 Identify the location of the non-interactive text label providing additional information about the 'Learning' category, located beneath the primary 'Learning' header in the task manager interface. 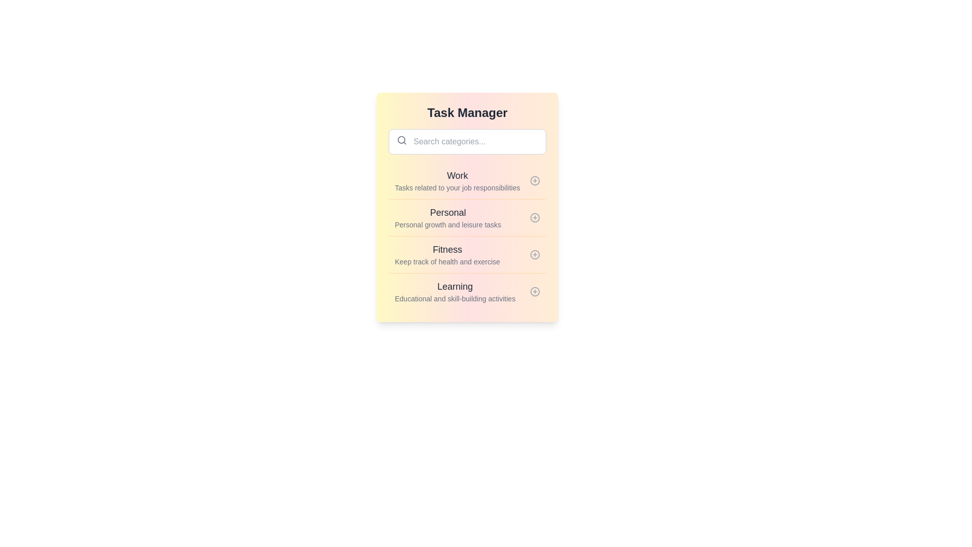
(455, 298).